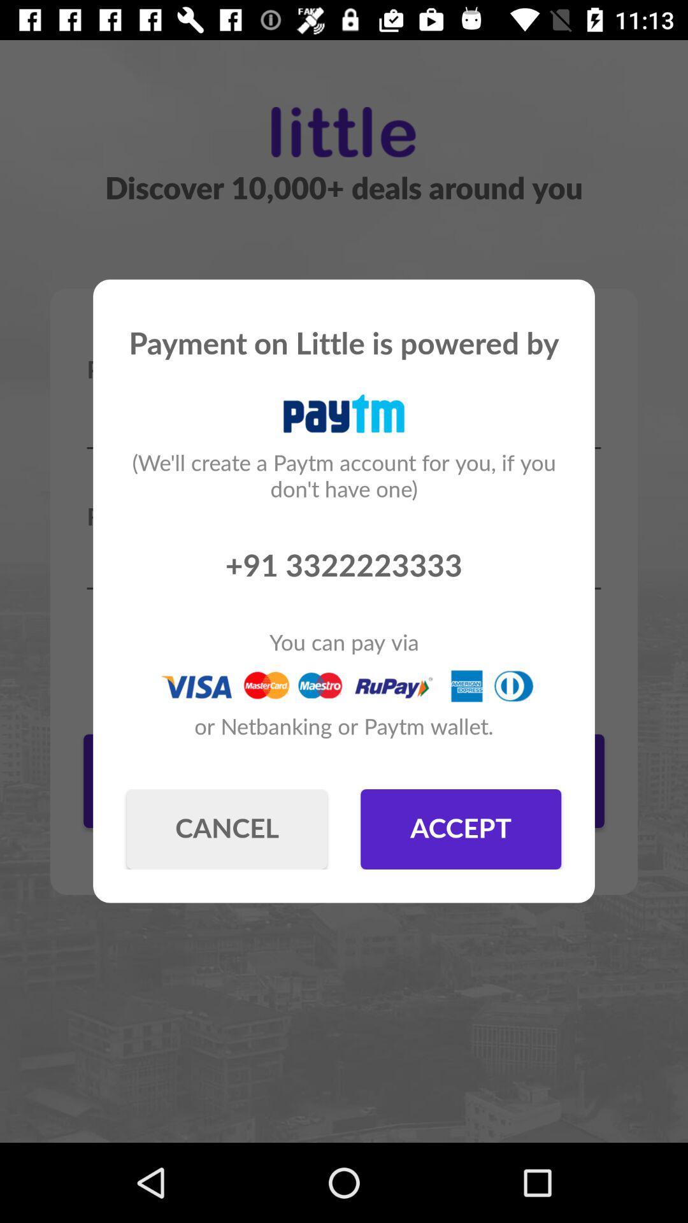  I want to click on cancel at the bottom left corner, so click(226, 829).